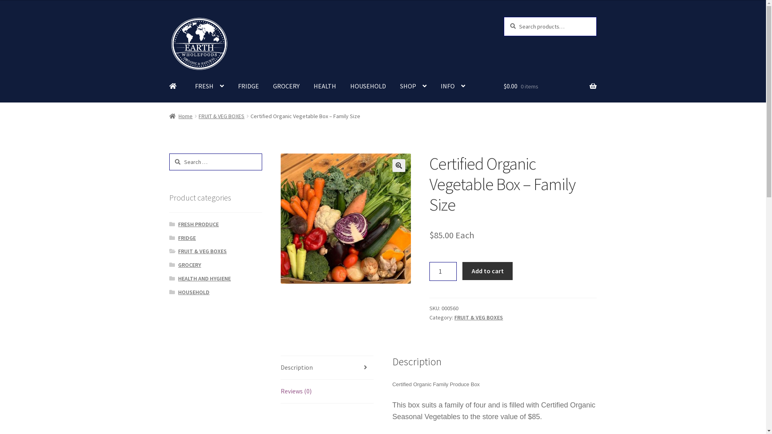 The width and height of the screenshot is (772, 434). I want to click on 'HEALTH AND HYGIENE', so click(204, 278).